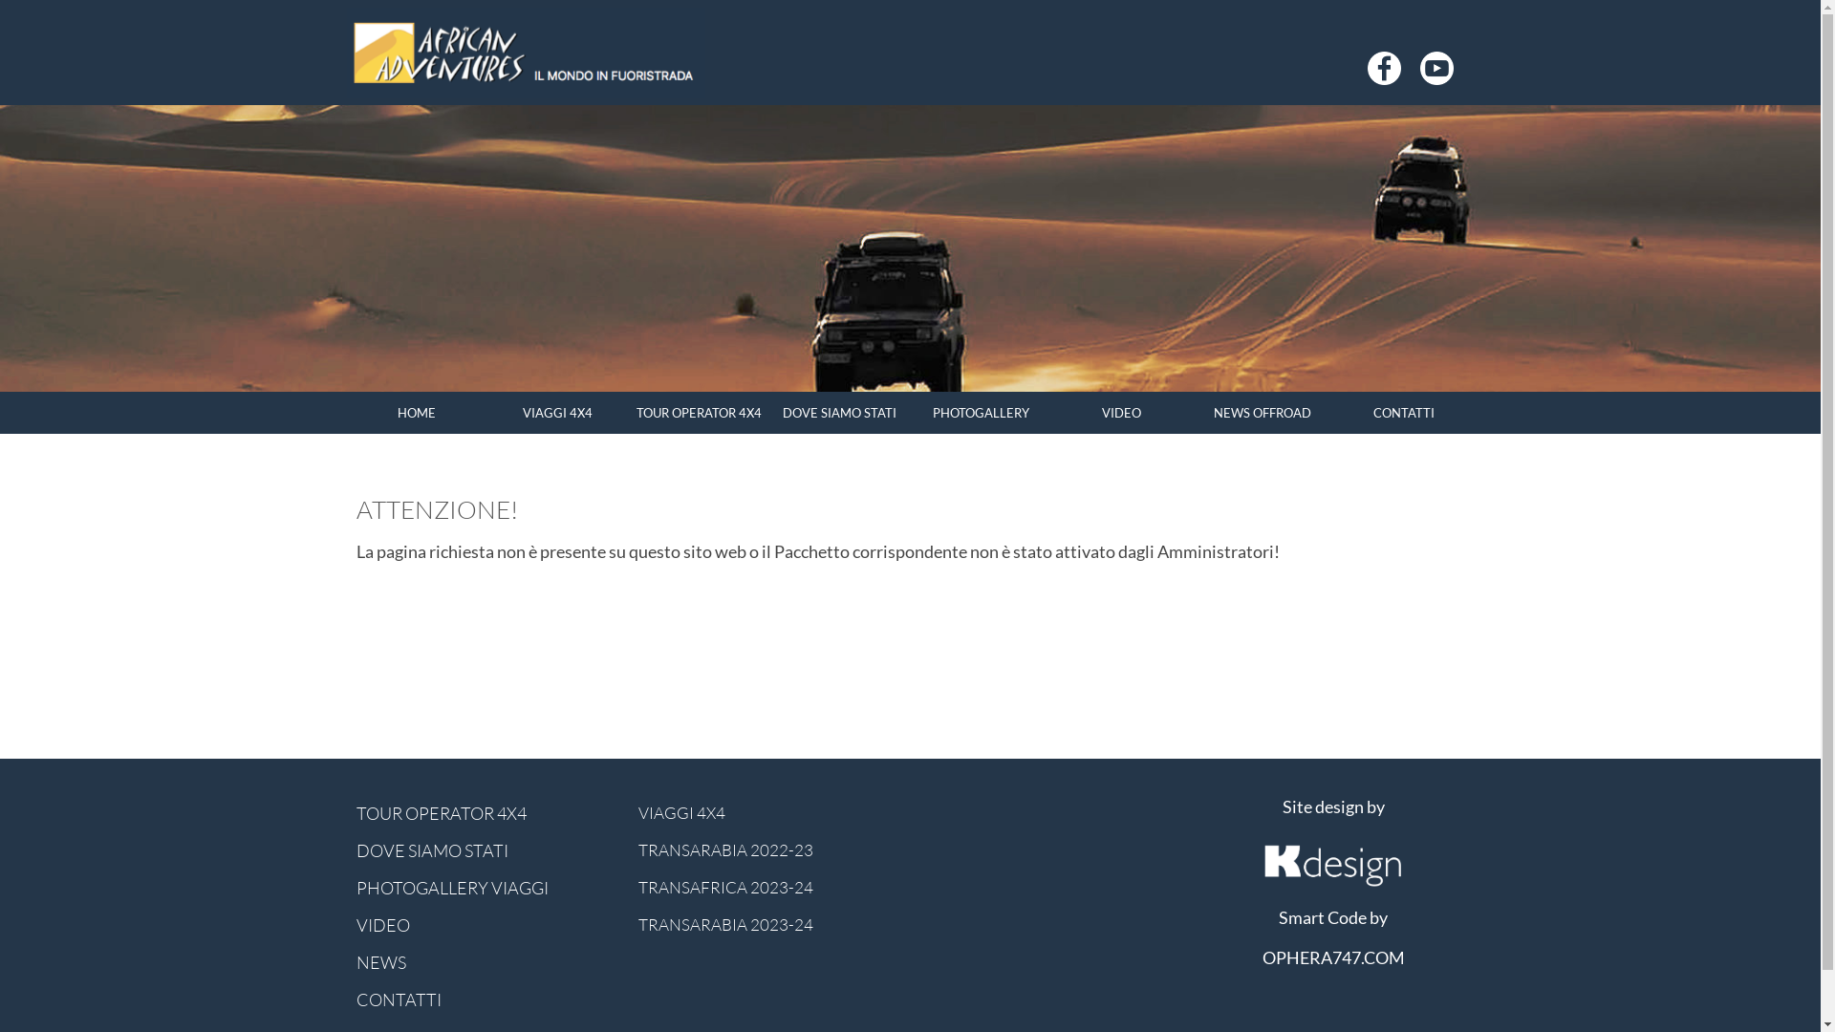 This screenshot has height=1032, width=1835. What do you see at coordinates (769, 888) in the screenshot?
I see `'TRANSAFRICA 2023-24'` at bounding box center [769, 888].